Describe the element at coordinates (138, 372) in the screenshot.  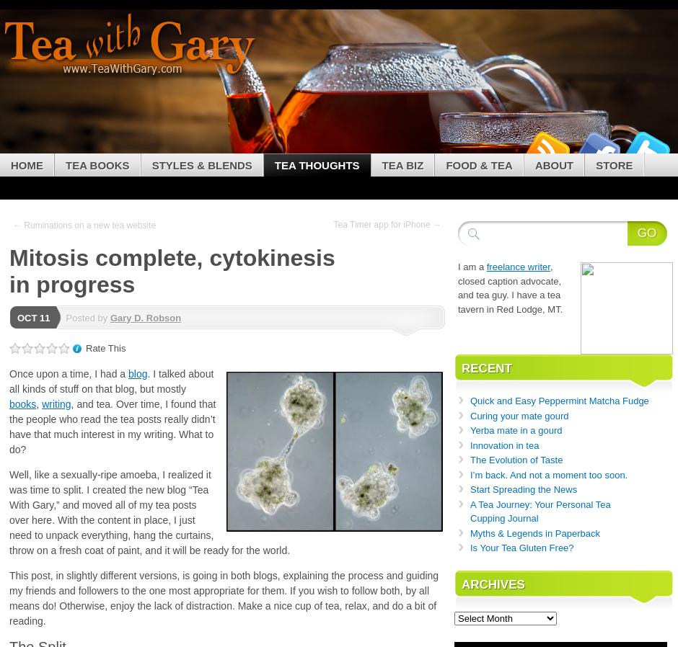
I see `'blog'` at that location.